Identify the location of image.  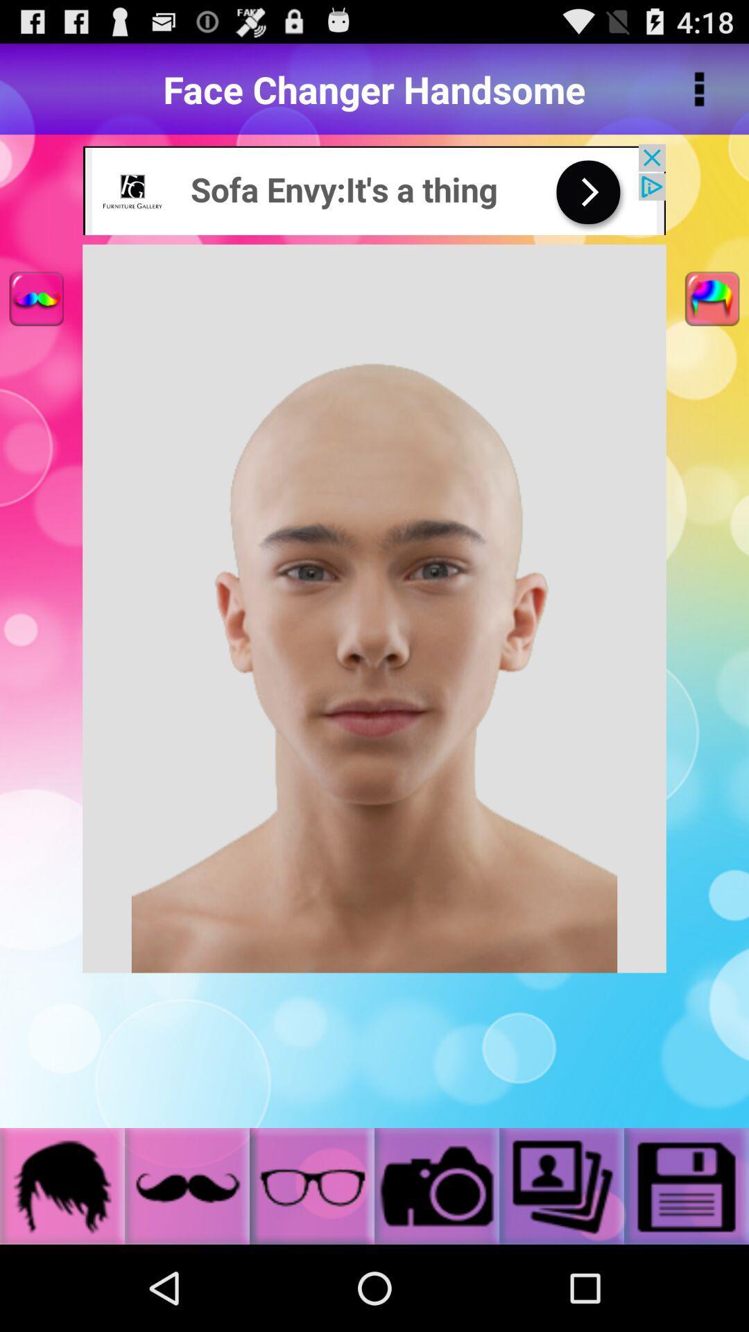
(436, 1185).